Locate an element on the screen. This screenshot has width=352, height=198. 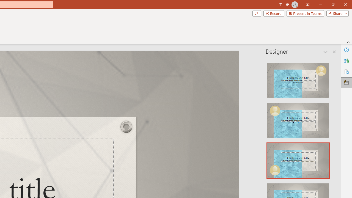
'Design Idea' is located at coordinates (298, 159).